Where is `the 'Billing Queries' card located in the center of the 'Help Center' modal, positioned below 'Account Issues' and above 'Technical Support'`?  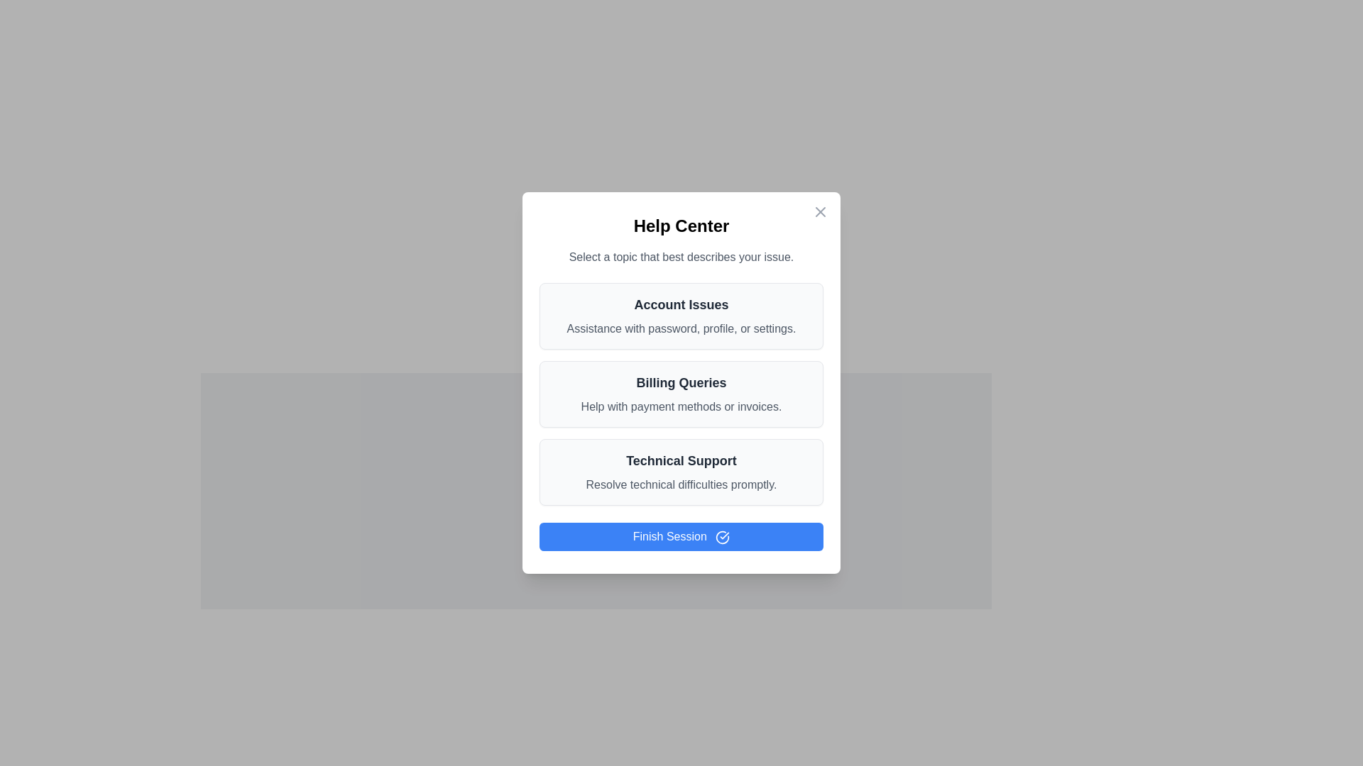 the 'Billing Queries' card located in the center of the 'Help Center' modal, positioned below 'Account Issues' and above 'Technical Support' is located at coordinates (681, 394).